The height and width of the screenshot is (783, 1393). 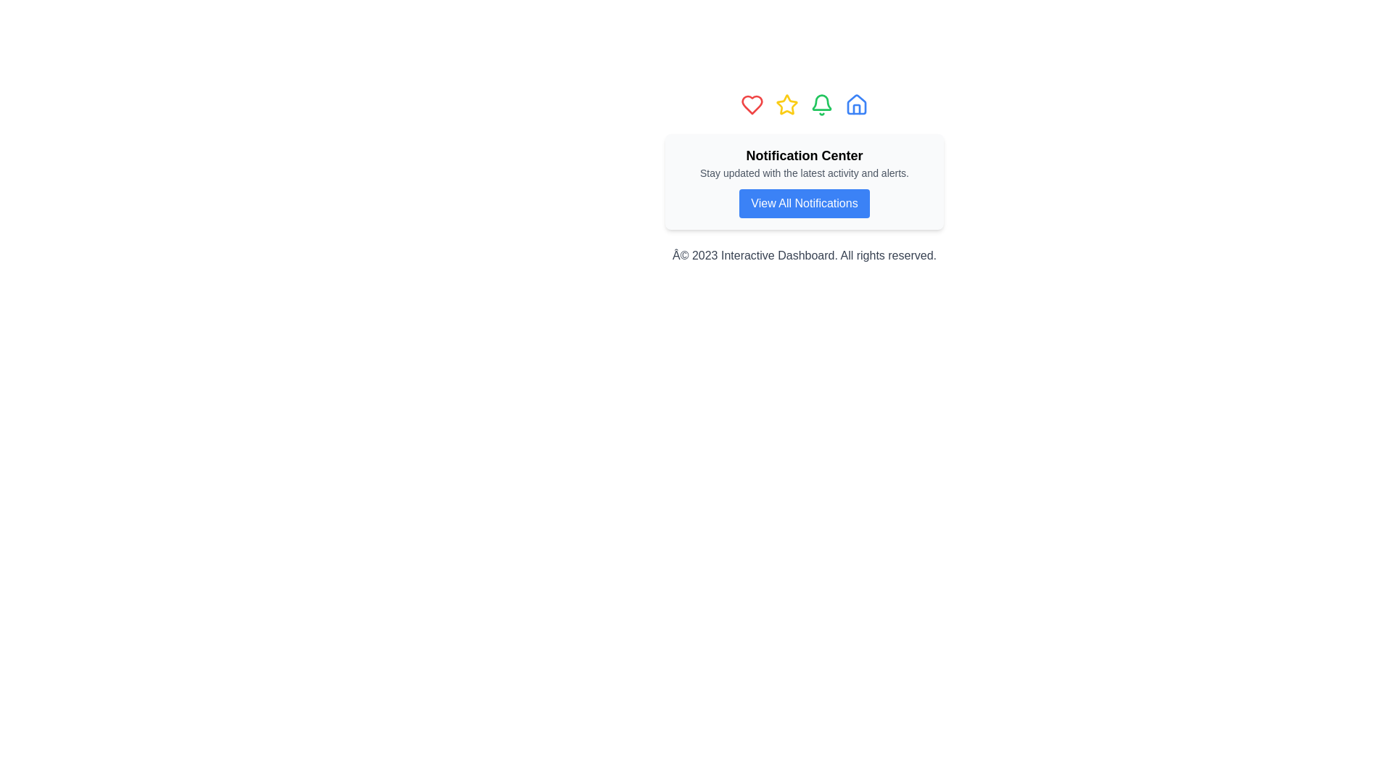 What do you see at coordinates (803, 255) in the screenshot?
I see `the footer text stating 'Â© 2023 Interactive Dashboard. All rights reserved.' which is styled in gray and located at the bottom of the Notification Center section` at bounding box center [803, 255].